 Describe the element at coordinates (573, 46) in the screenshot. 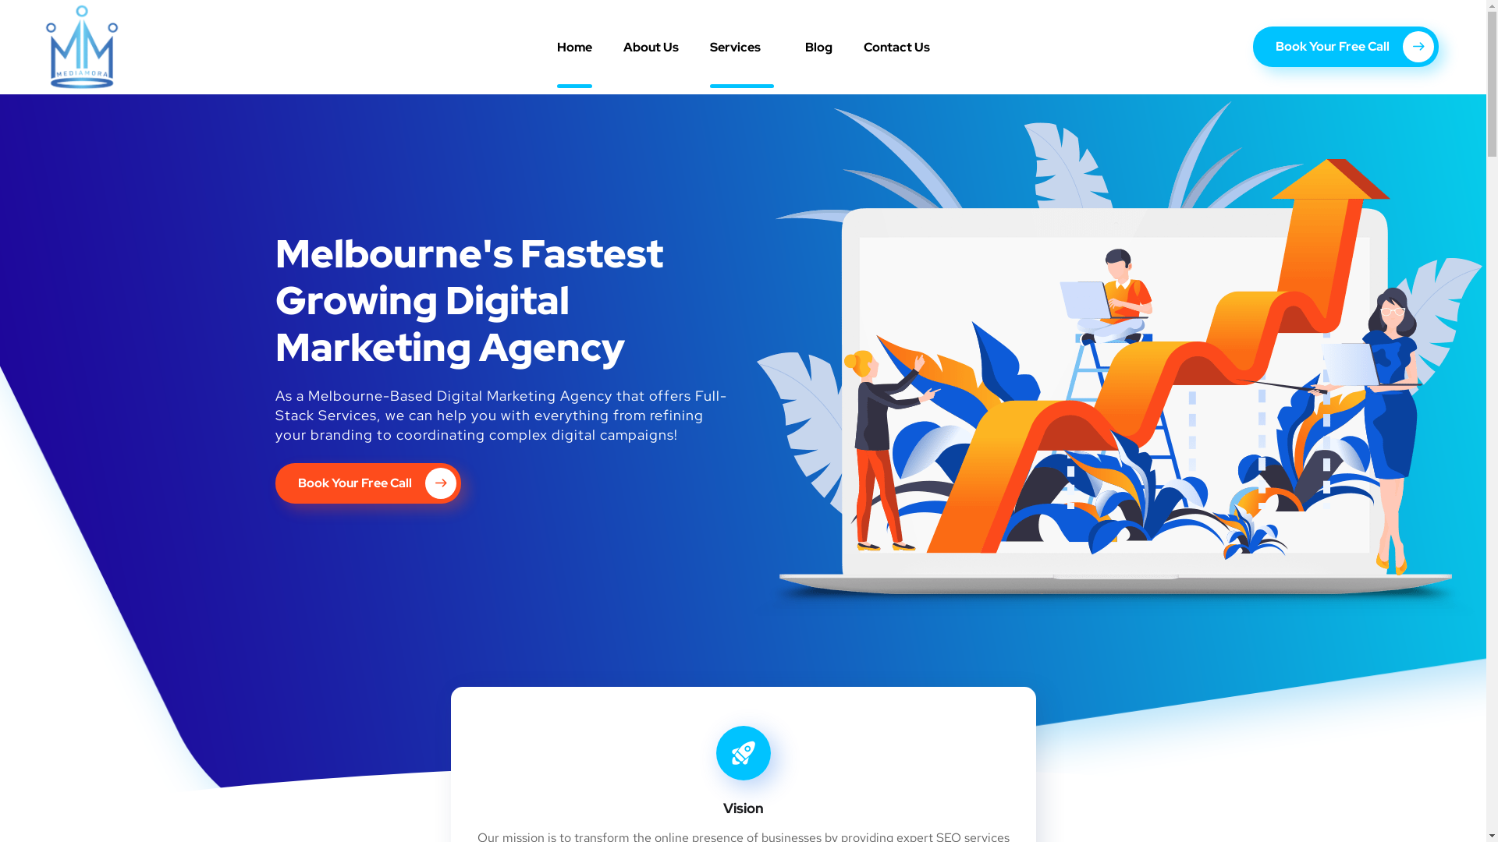

I see `'Home'` at that location.